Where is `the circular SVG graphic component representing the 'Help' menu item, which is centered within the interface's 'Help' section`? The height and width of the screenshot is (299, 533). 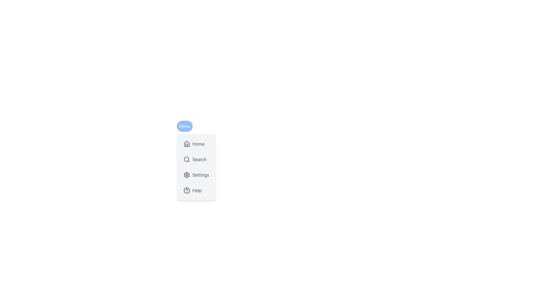 the circular SVG graphic component representing the 'Help' menu item, which is centered within the interface's 'Help' section is located at coordinates (187, 190).